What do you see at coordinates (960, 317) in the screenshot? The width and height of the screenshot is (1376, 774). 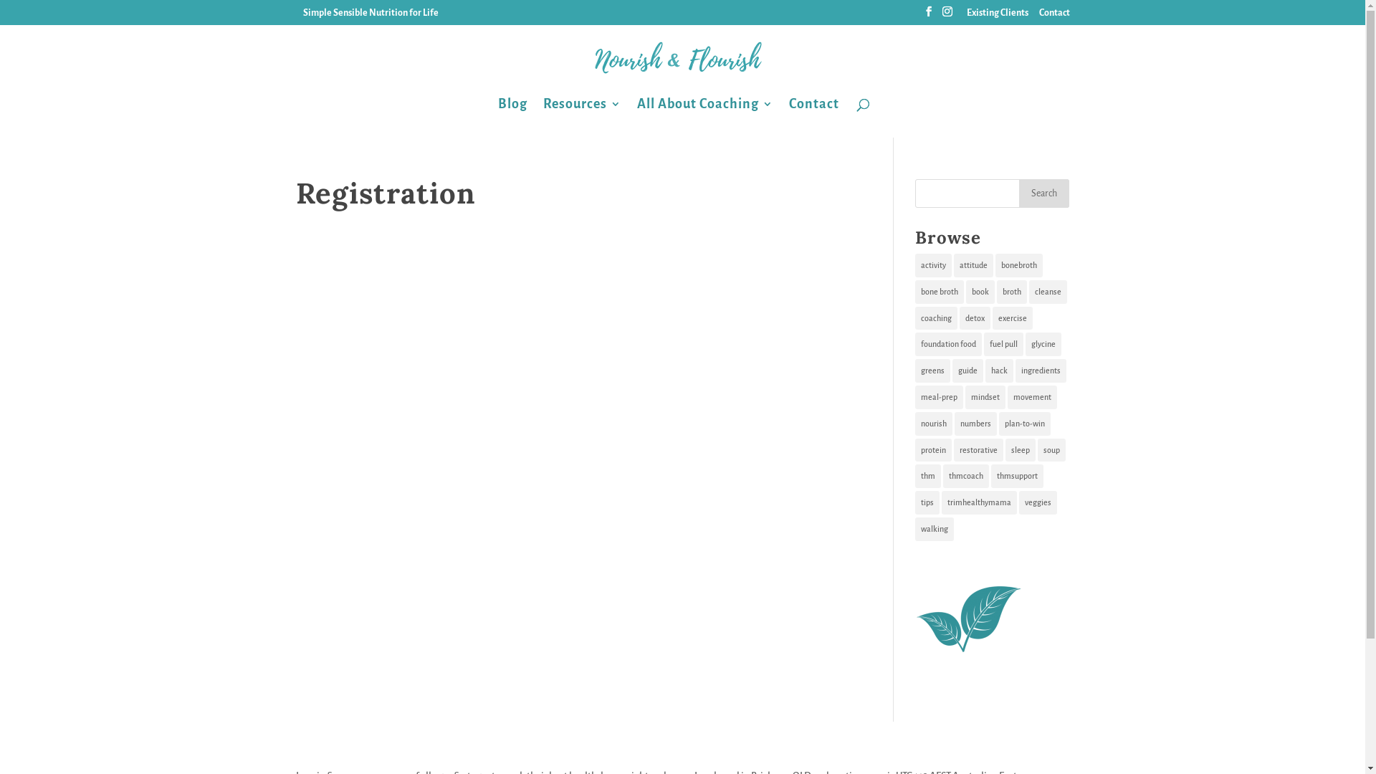 I see `'detox'` at bounding box center [960, 317].